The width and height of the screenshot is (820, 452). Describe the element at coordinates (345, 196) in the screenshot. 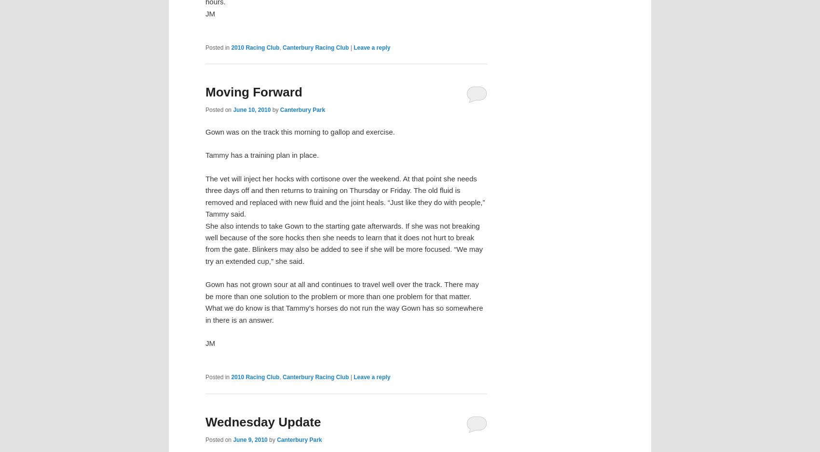

I see `'The vet will inject her hocks with cortisone over the weekend. At that point she needs three days off and then returns to training on Thursday or Friday. The old fluid is removed and replaced with new fluid and the joint heals. “Just like they do with people,” Tammy said.'` at that location.